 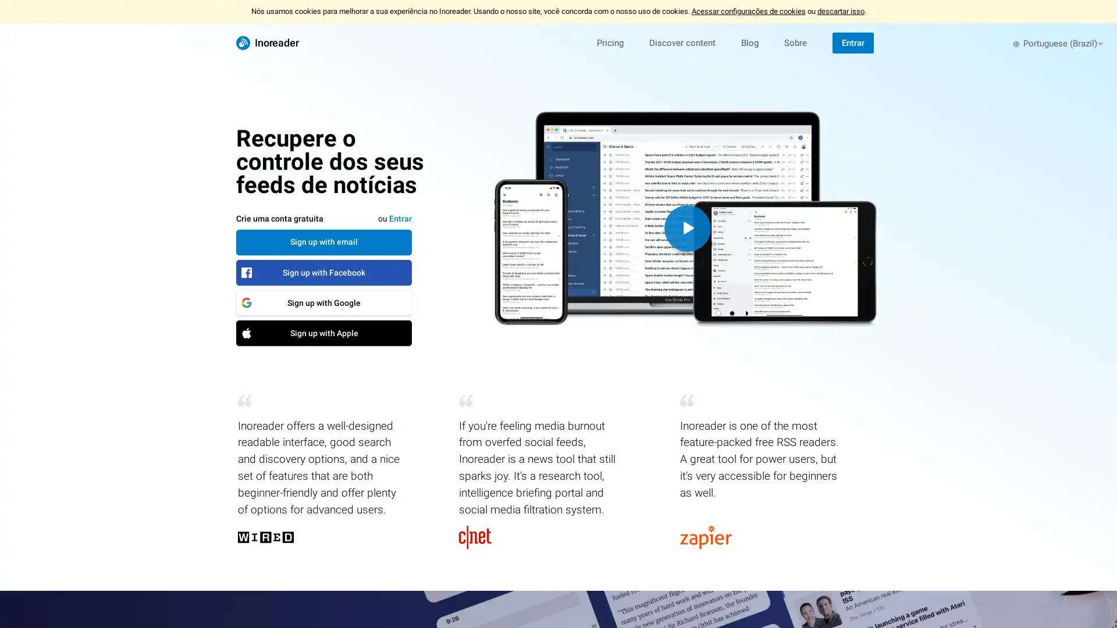 I want to click on Sign up with Facebook, so click(x=323, y=272).